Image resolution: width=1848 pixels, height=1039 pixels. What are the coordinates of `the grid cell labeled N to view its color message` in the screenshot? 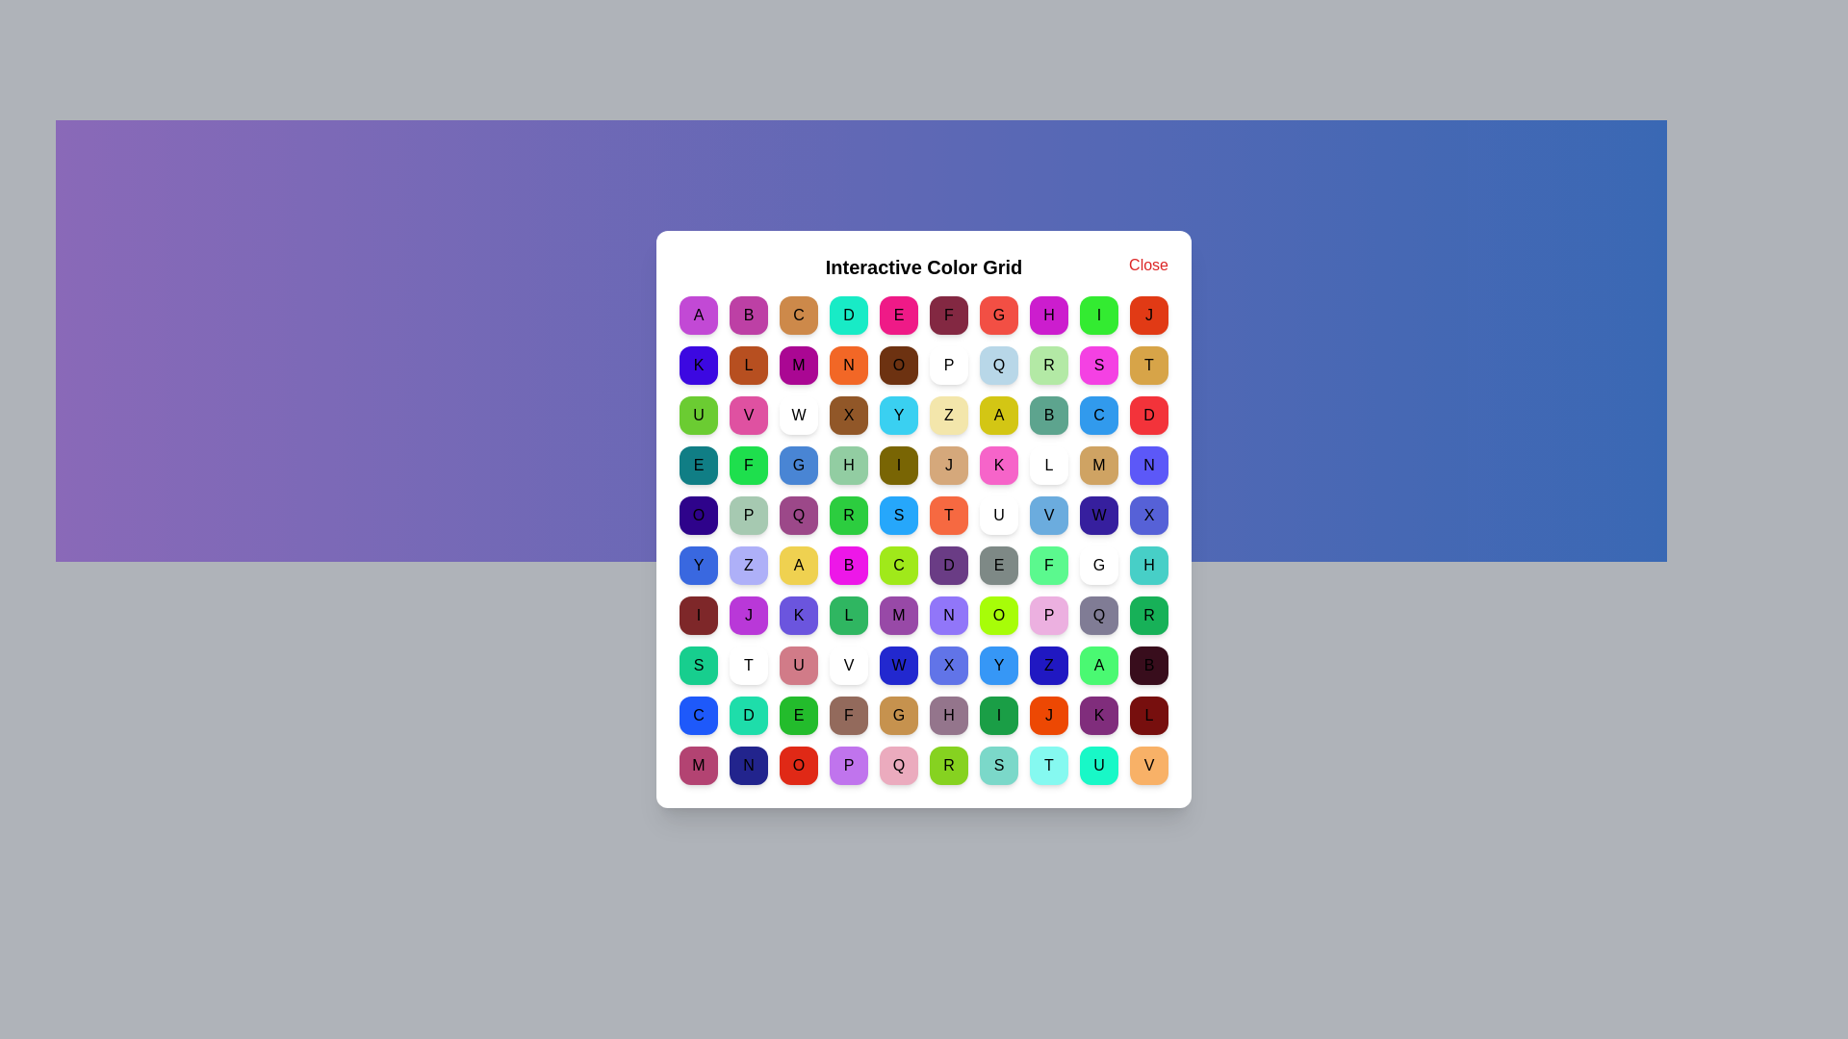 It's located at (848, 366).